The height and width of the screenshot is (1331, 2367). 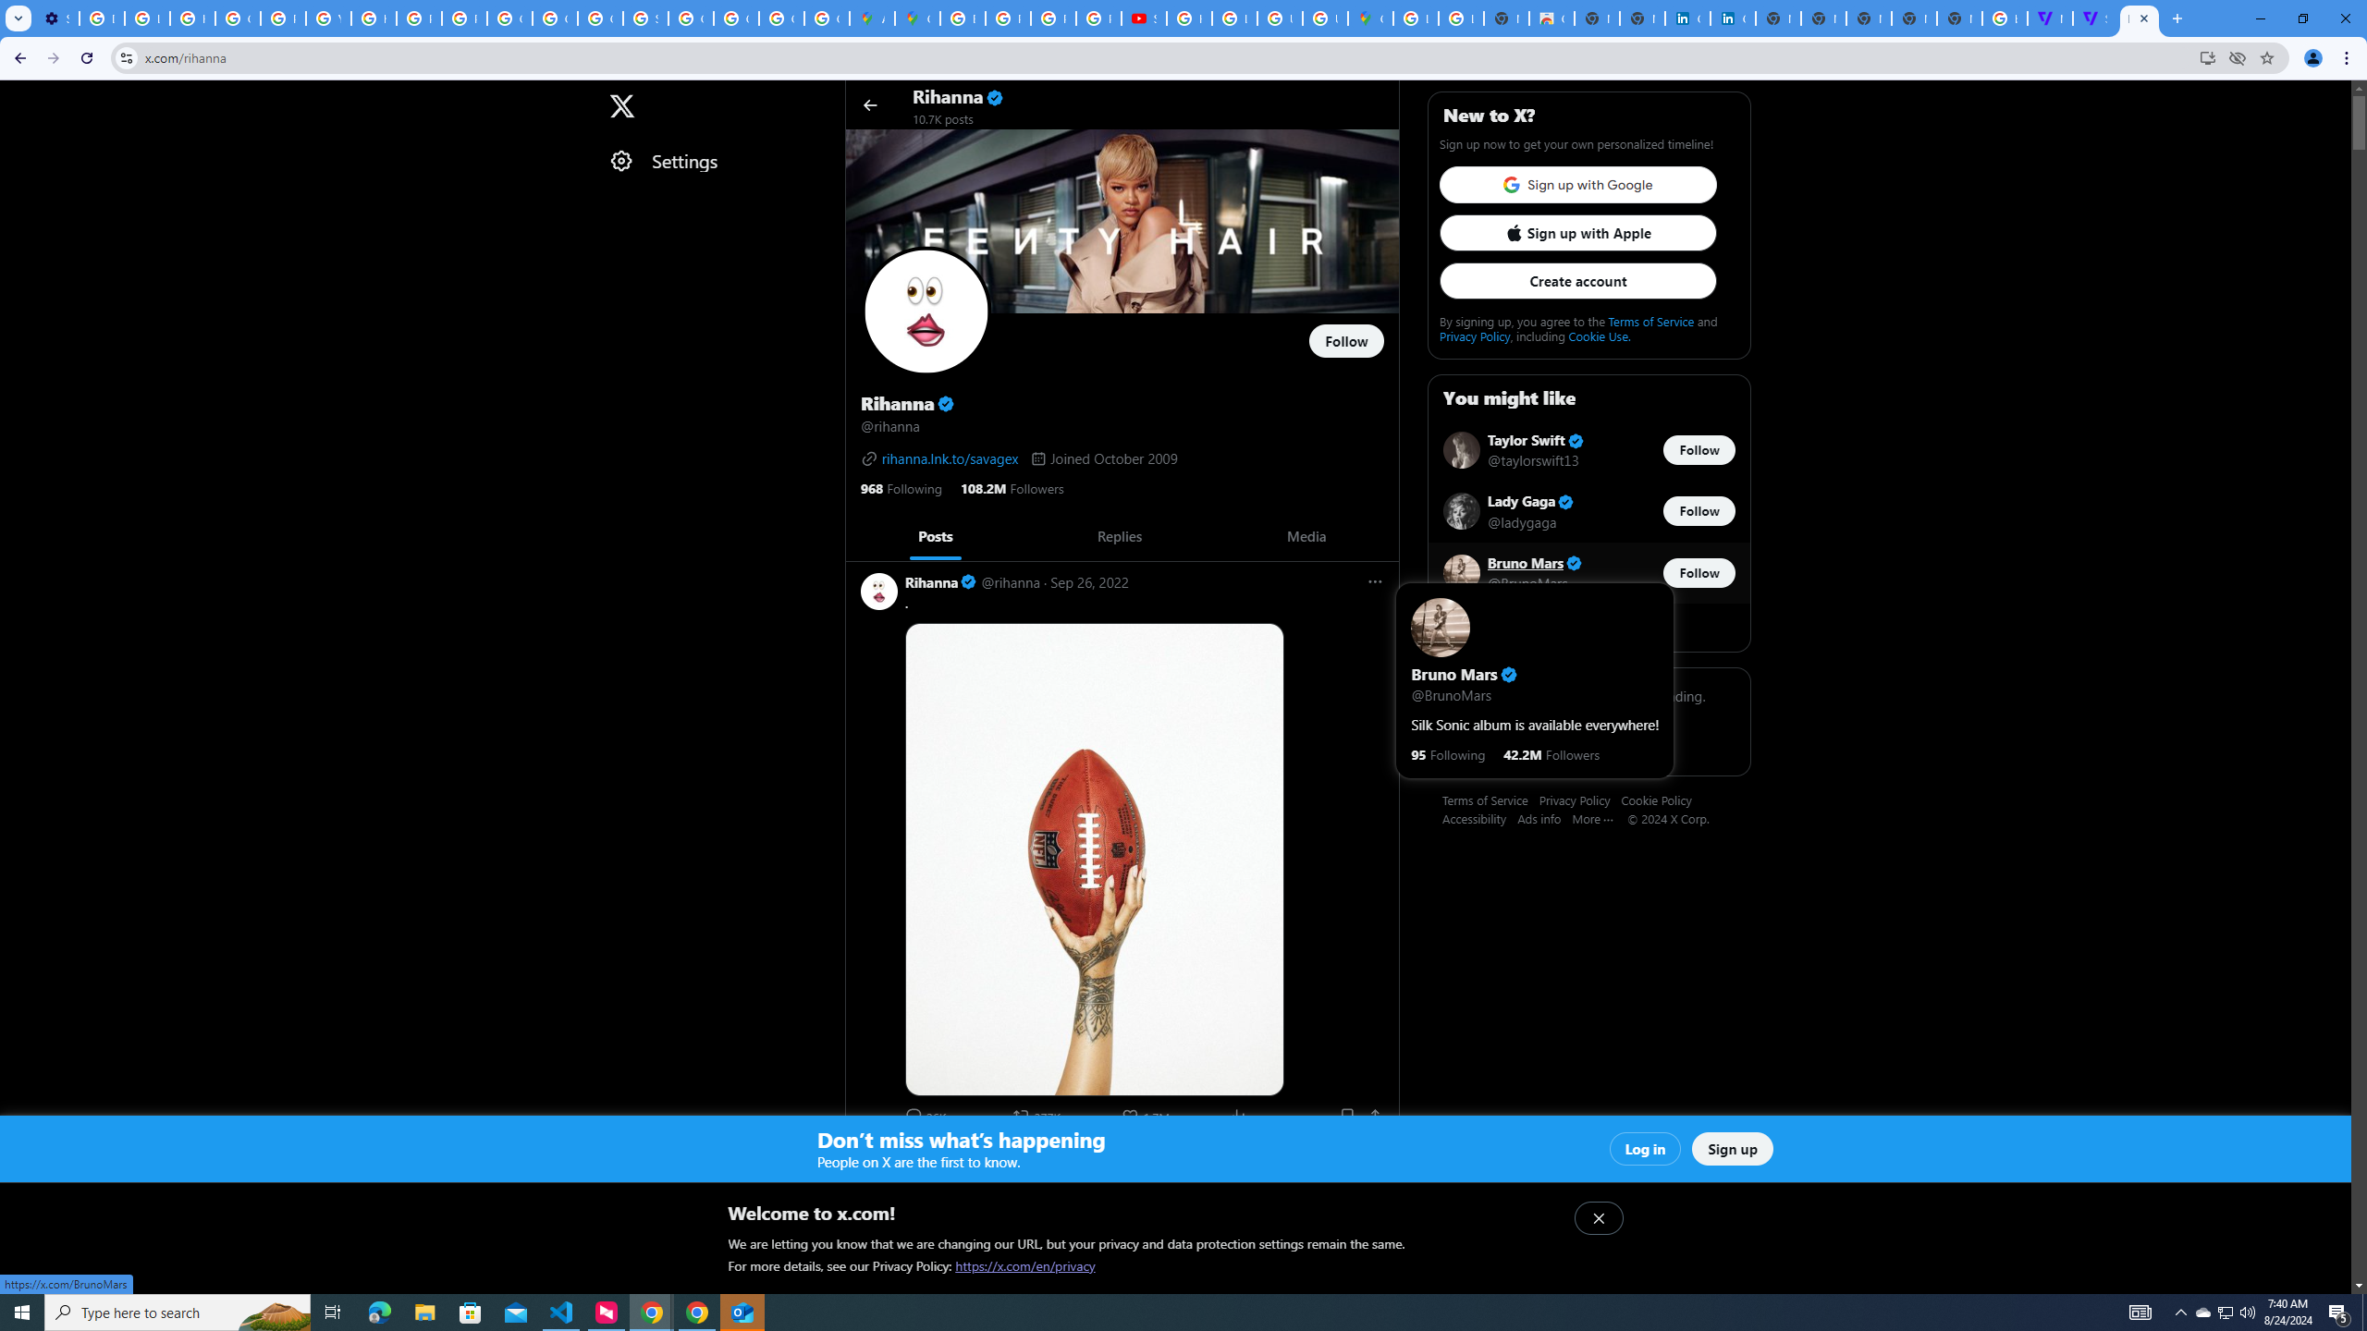 I want to click on '26148 Replies. Reply', so click(x=926, y=1115).